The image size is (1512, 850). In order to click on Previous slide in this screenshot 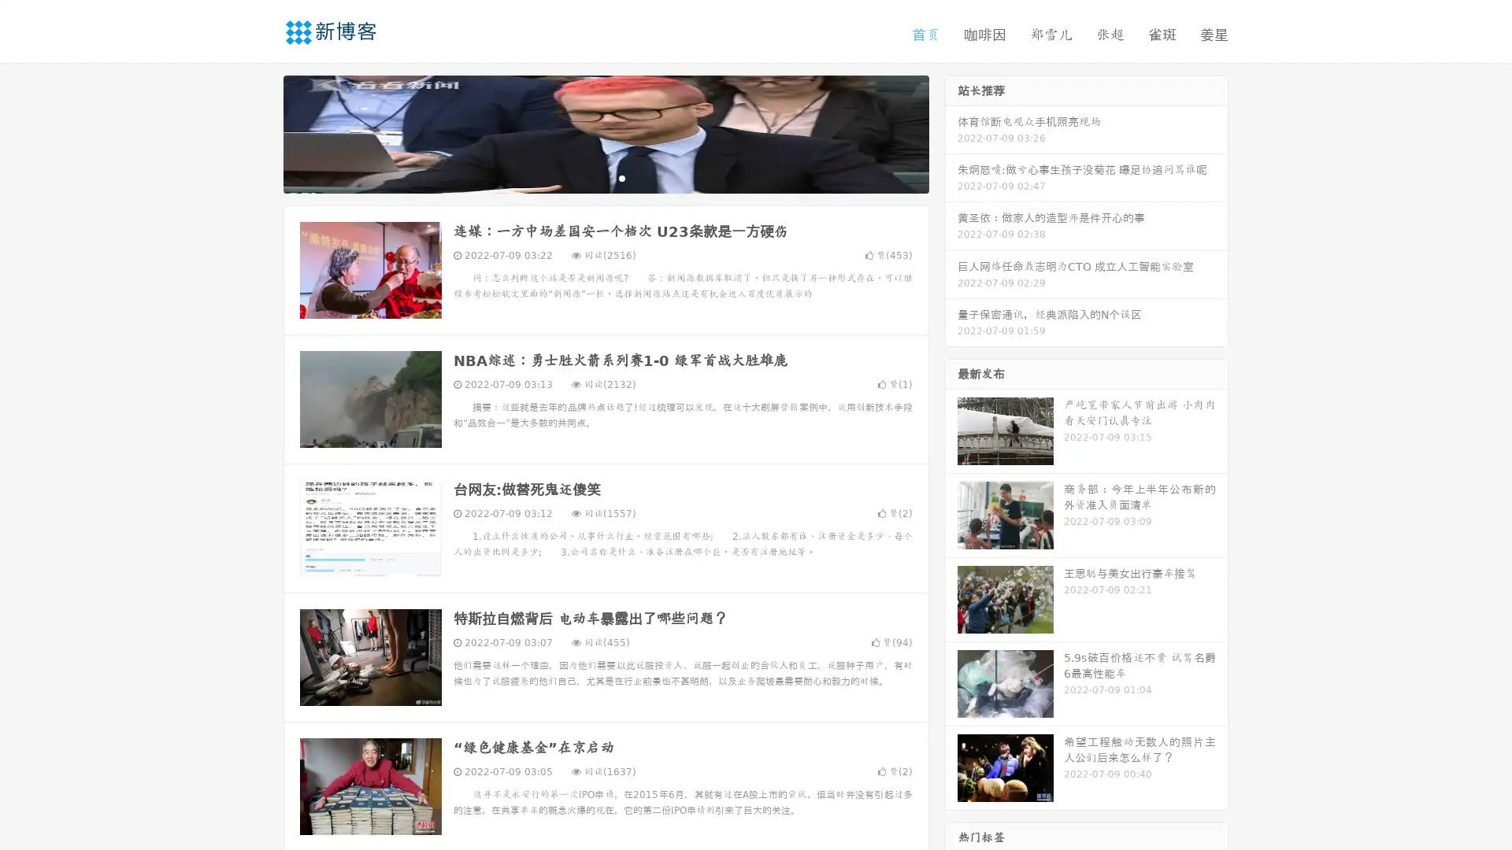, I will do `click(260, 132)`.